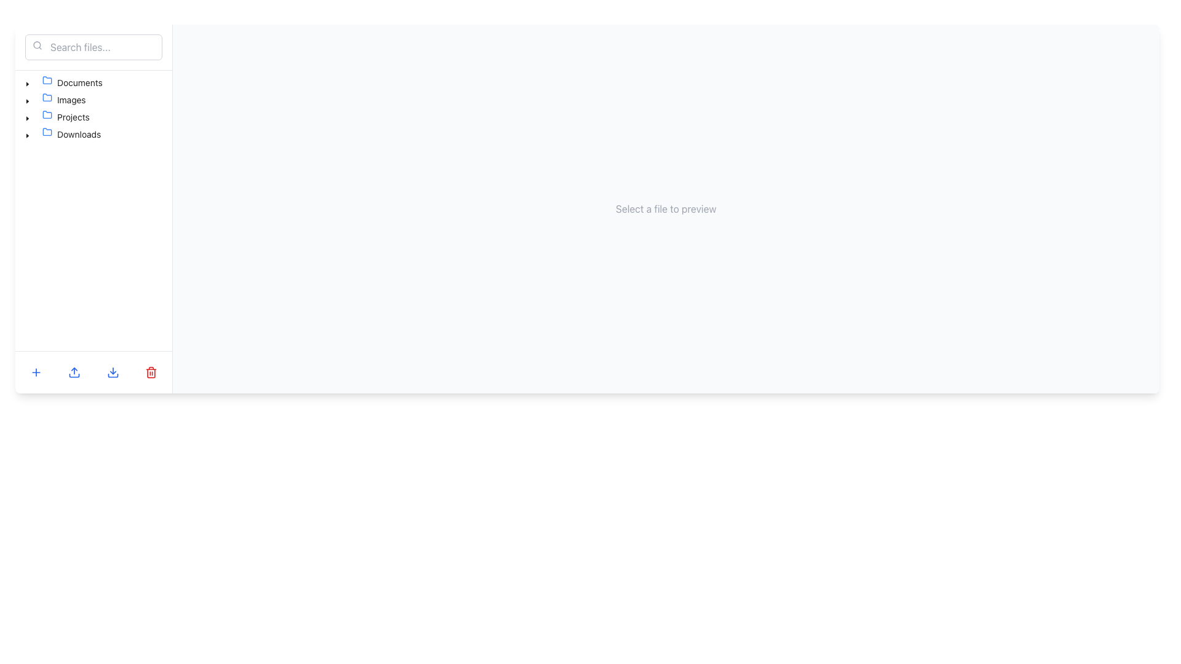 Image resolution: width=1181 pixels, height=664 pixels. I want to click on the 'Documents' folder node, so click(71, 83).